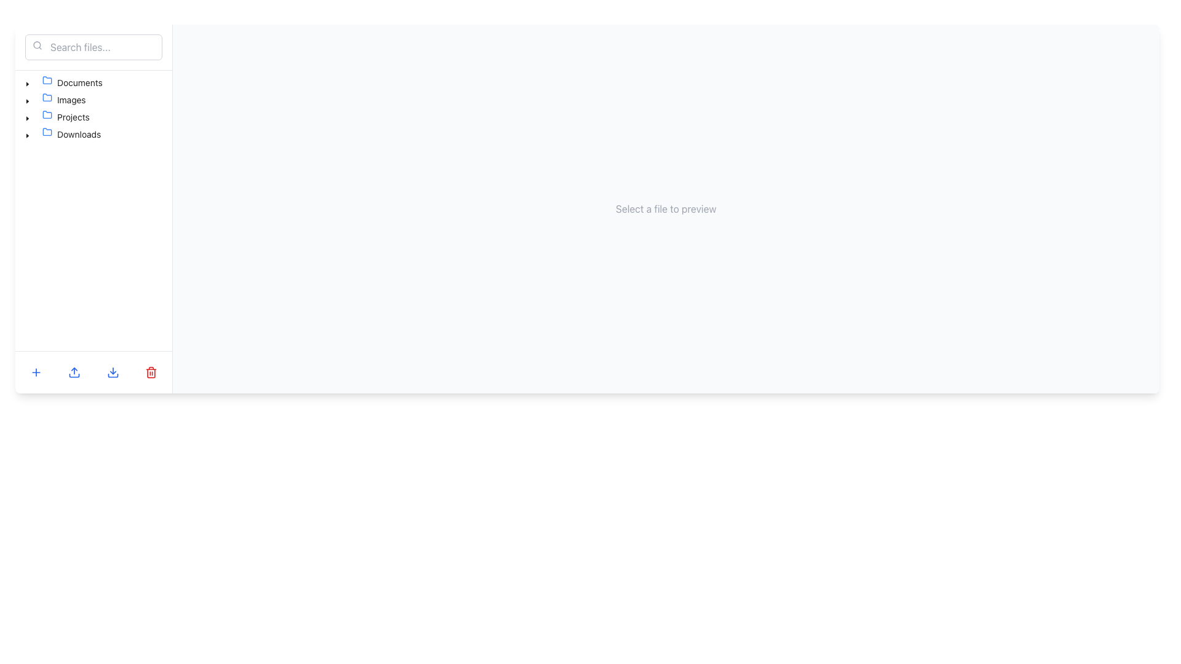 Image resolution: width=1181 pixels, height=664 pixels. I want to click on the 'Documents' folder node, so click(71, 83).